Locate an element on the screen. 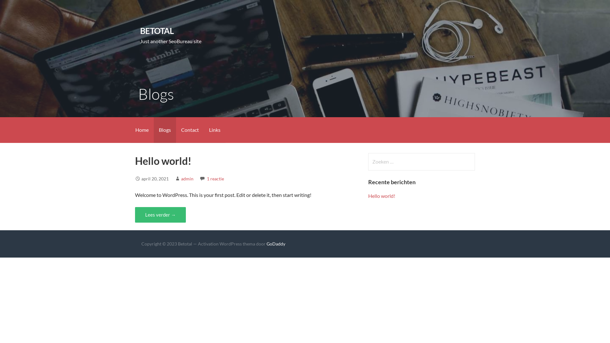  'BETOTAL' is located at coordinates (157, 30).